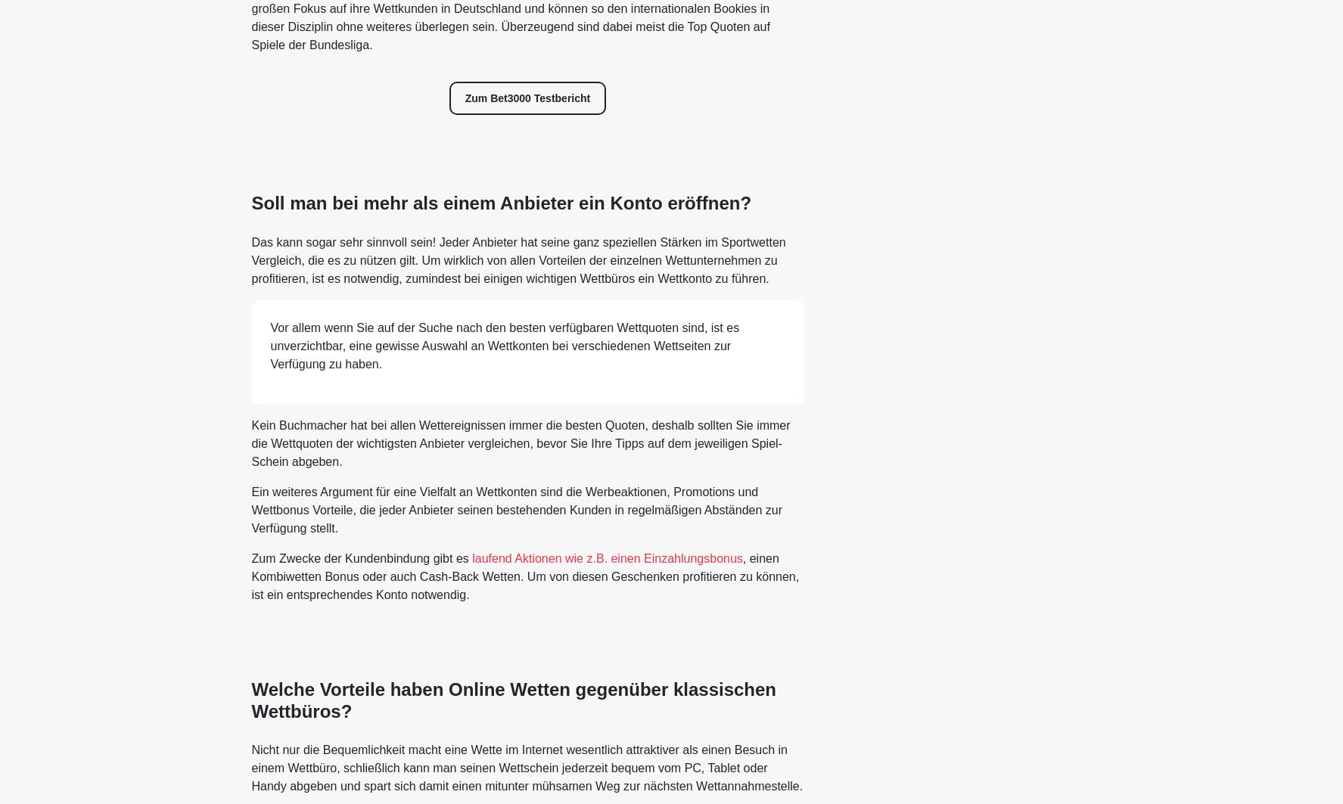 Image resolution: width=1343 pixels, height=804 pixels. I want to click on 'Nicht nur die Bequemlichkeit macht eine Wette im Internet wesentlich attraktiver als einen Besuch in einem Wettbüro, schließlich kann man seinen Wettschein jederzeit bequem vom PC, Tablet oder Handy abgeben und spart sich damit einen mitunter mühsamen Weg zur nächsten Wettannahmestelle.', so click(250, 767).